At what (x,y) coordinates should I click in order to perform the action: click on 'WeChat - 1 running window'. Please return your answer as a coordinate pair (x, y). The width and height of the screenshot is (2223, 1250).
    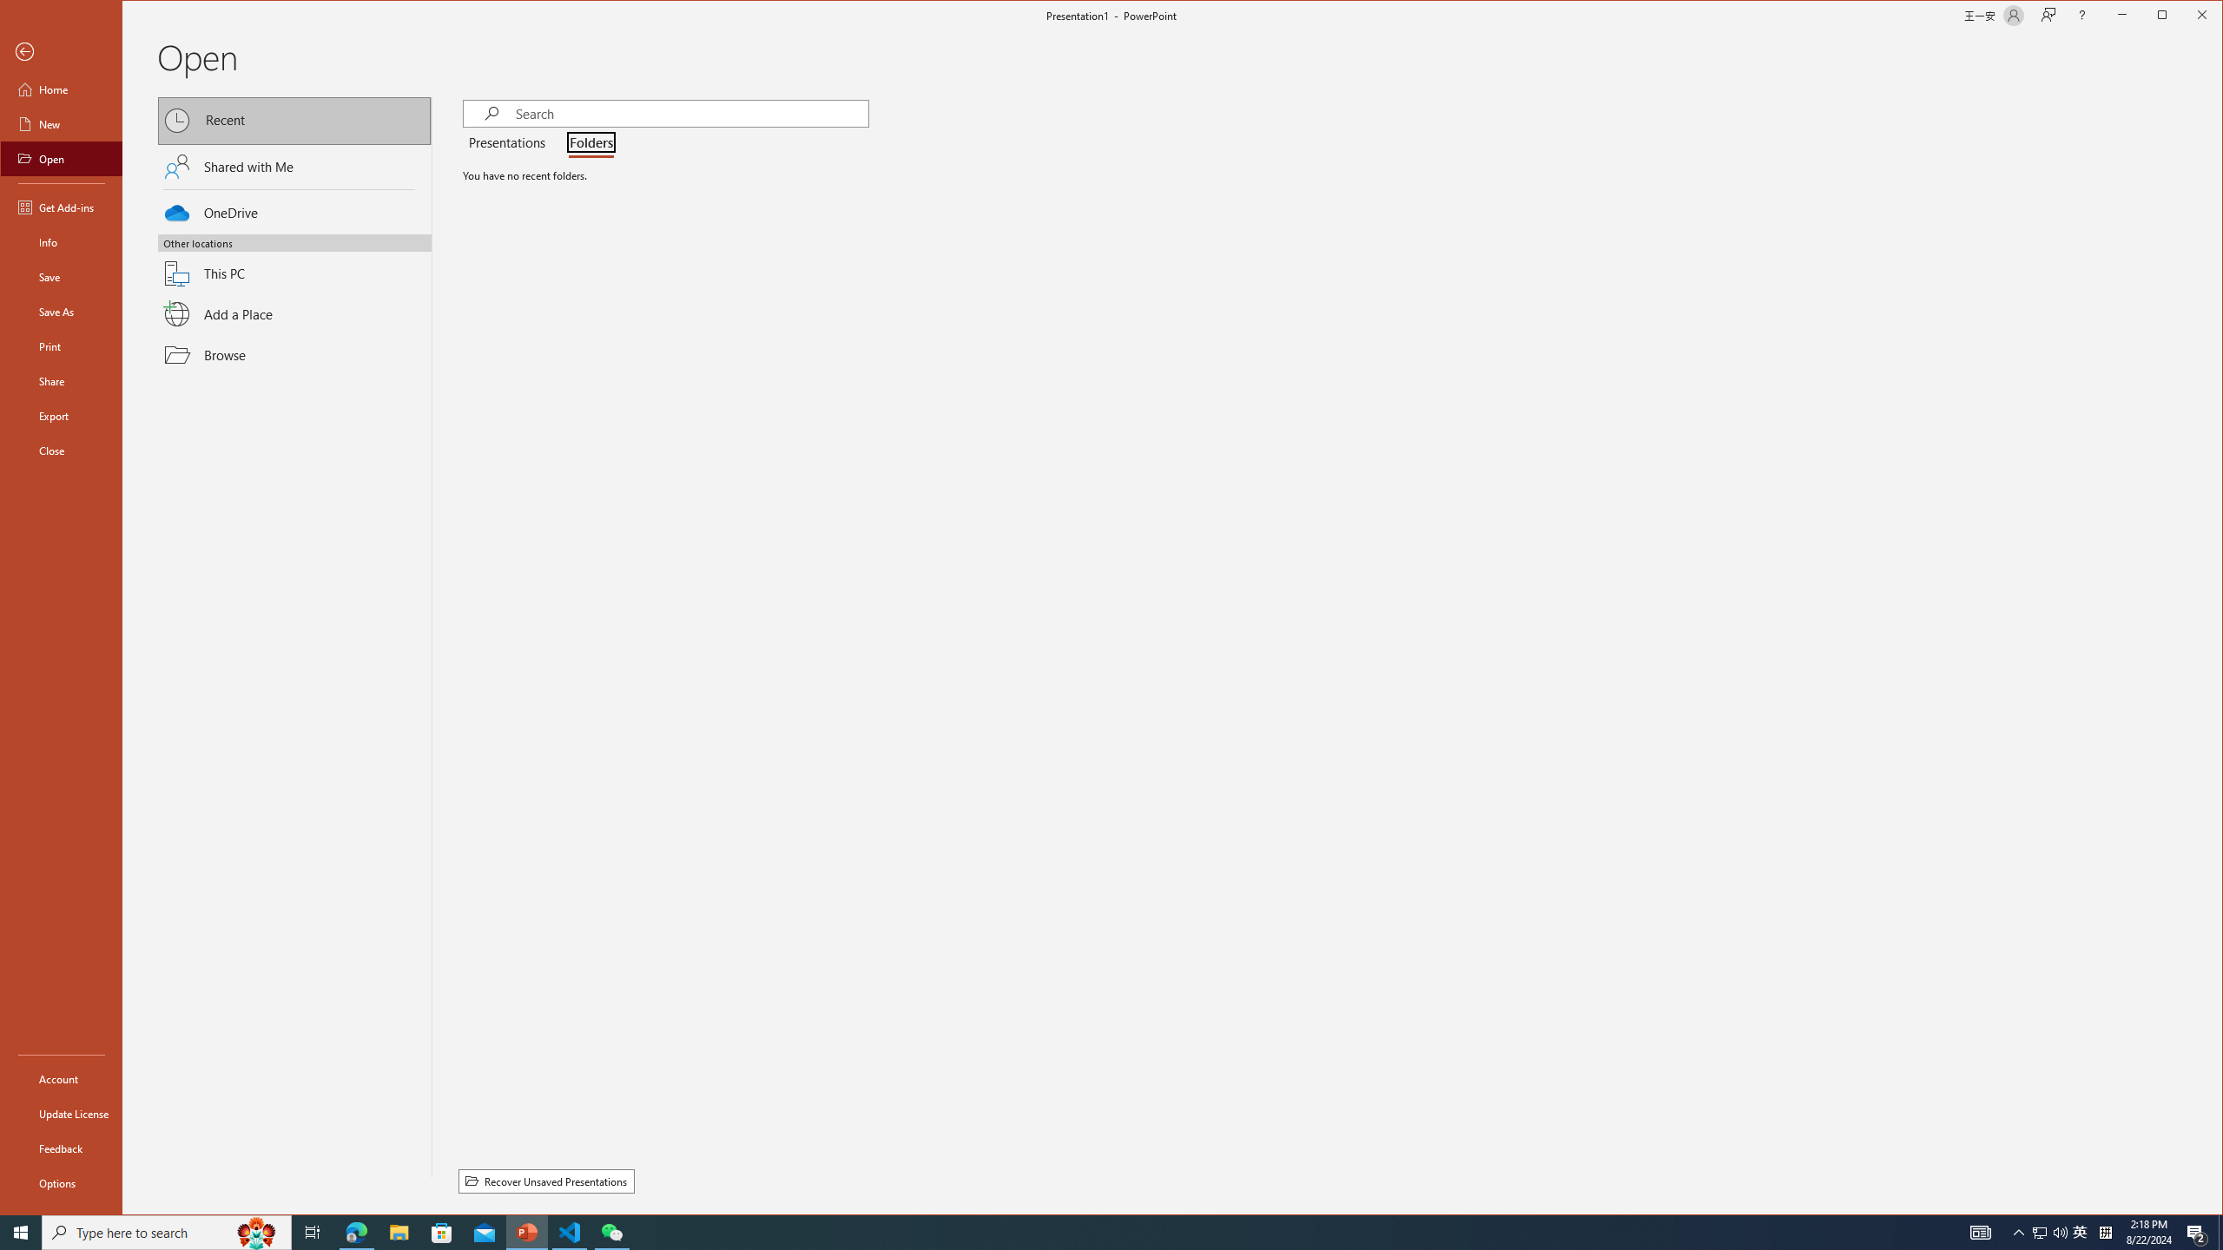
    Looking at the image, I should click on (612, 1231).